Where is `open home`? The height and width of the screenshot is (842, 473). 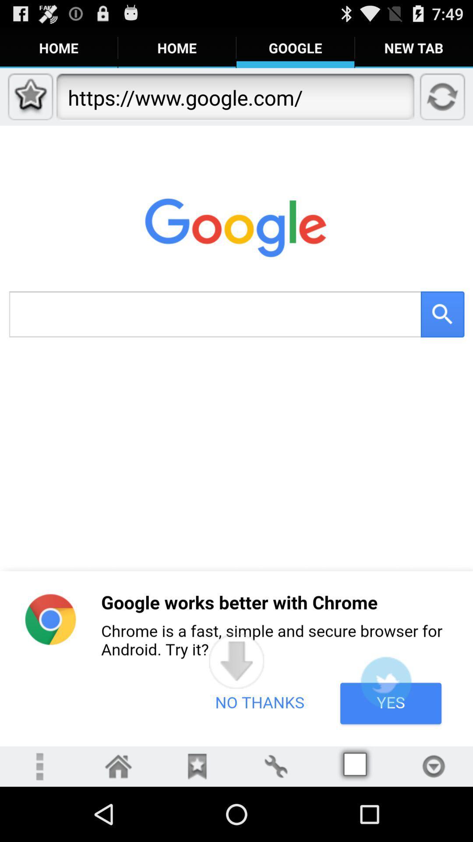 open home is located at coordinates (118, 766).